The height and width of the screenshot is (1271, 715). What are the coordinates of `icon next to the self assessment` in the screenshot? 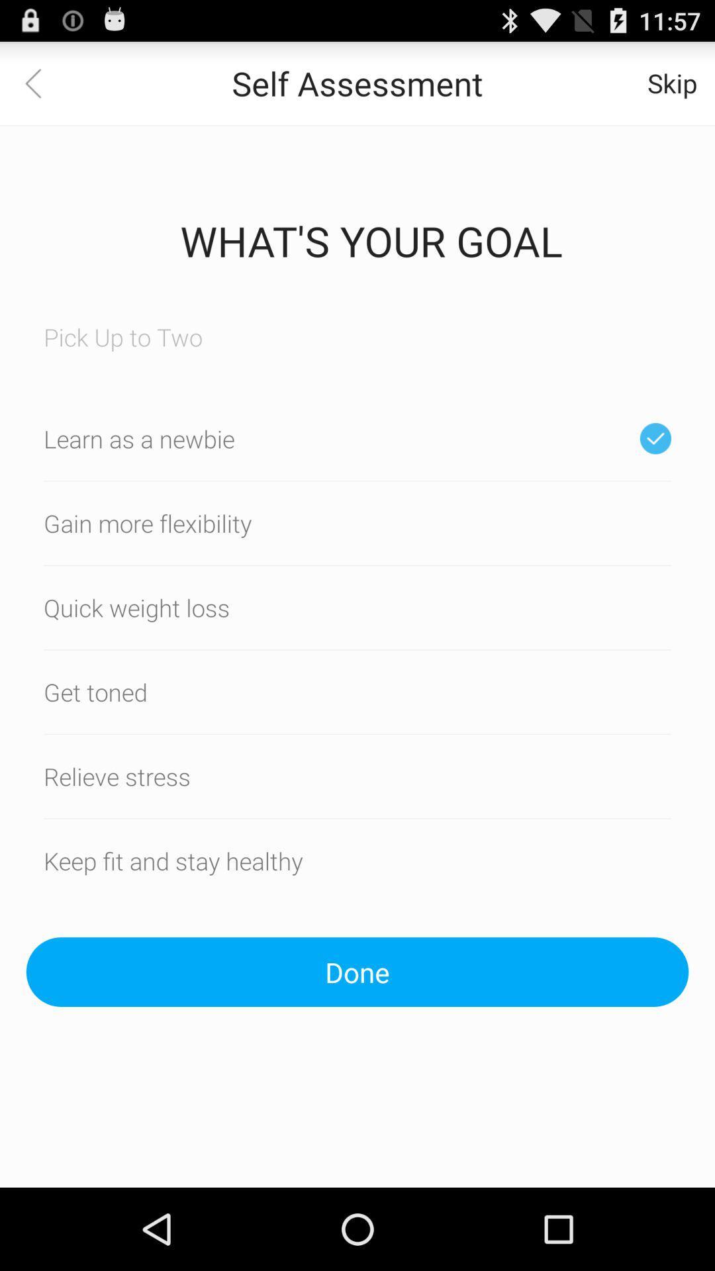 It's located at (40, 82).